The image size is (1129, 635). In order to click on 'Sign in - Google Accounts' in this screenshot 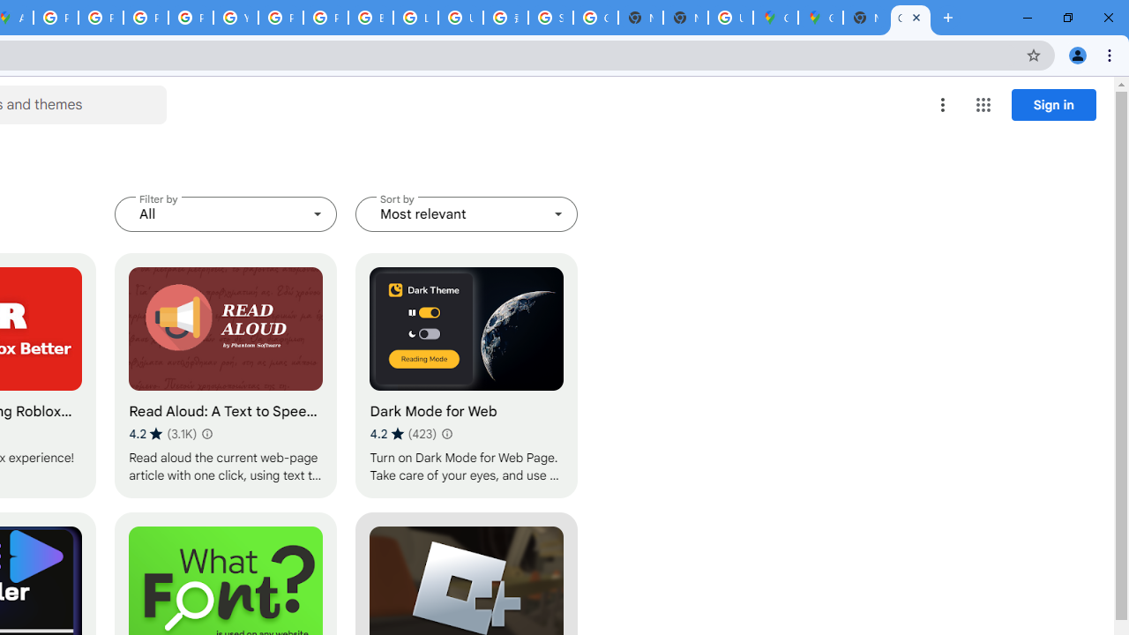, I will do `click(550, 18)`.